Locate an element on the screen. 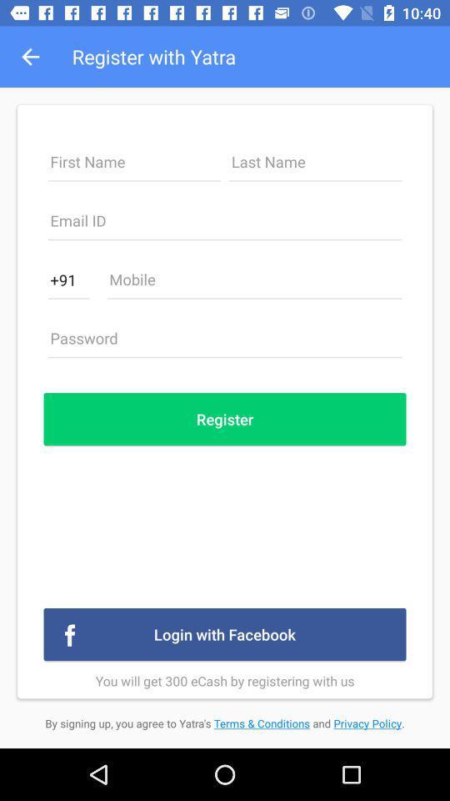 This screenshot has height=801, width=450. mobile number is located at coordinates (254, 284).